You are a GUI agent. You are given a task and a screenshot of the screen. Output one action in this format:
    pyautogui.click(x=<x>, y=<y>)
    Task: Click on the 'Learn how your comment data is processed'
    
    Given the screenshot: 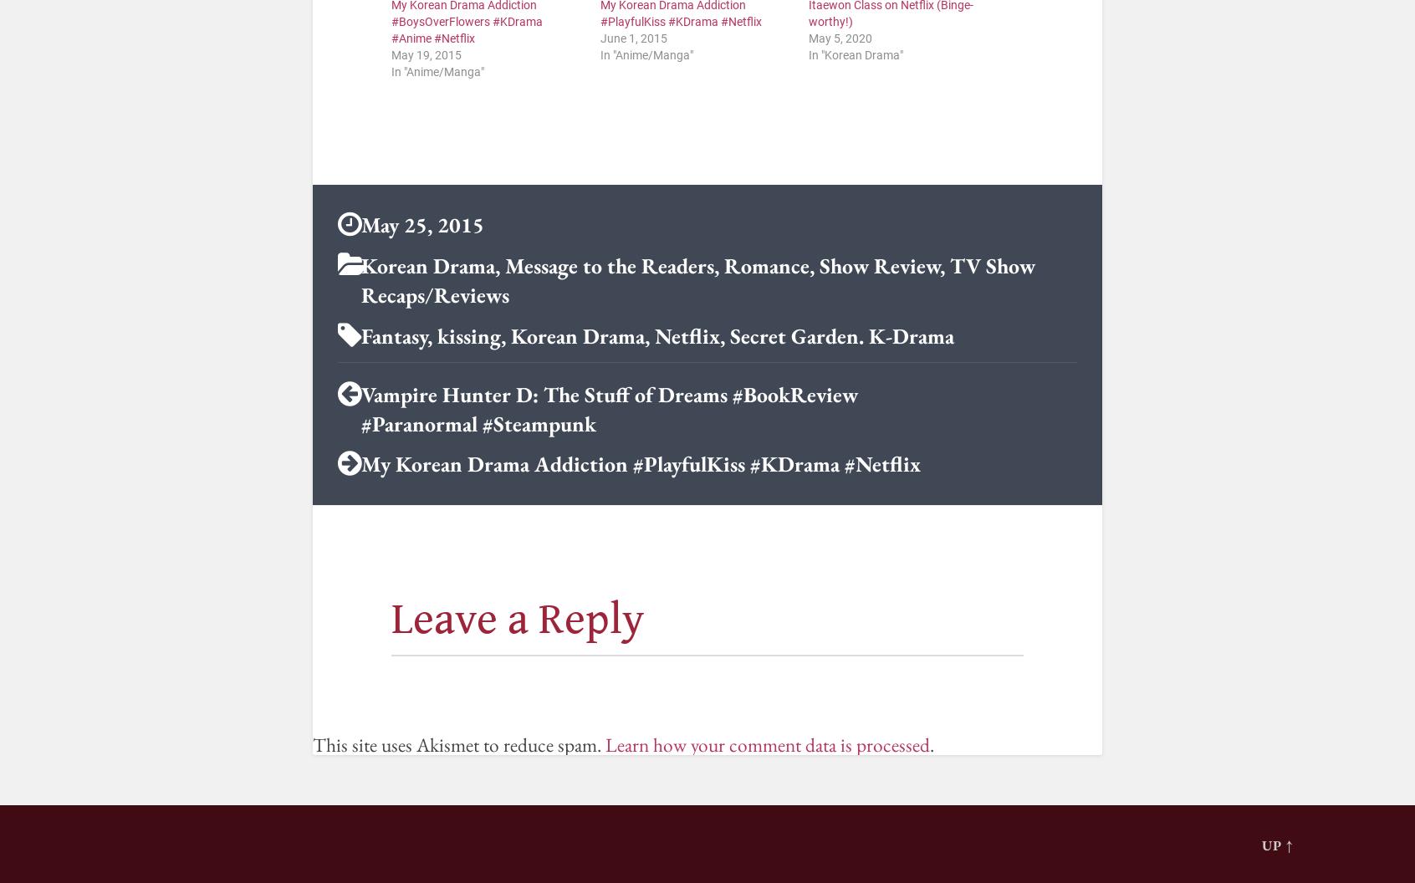 What is the action you would take?
    pyautogui.click(x=768, y=743)
    